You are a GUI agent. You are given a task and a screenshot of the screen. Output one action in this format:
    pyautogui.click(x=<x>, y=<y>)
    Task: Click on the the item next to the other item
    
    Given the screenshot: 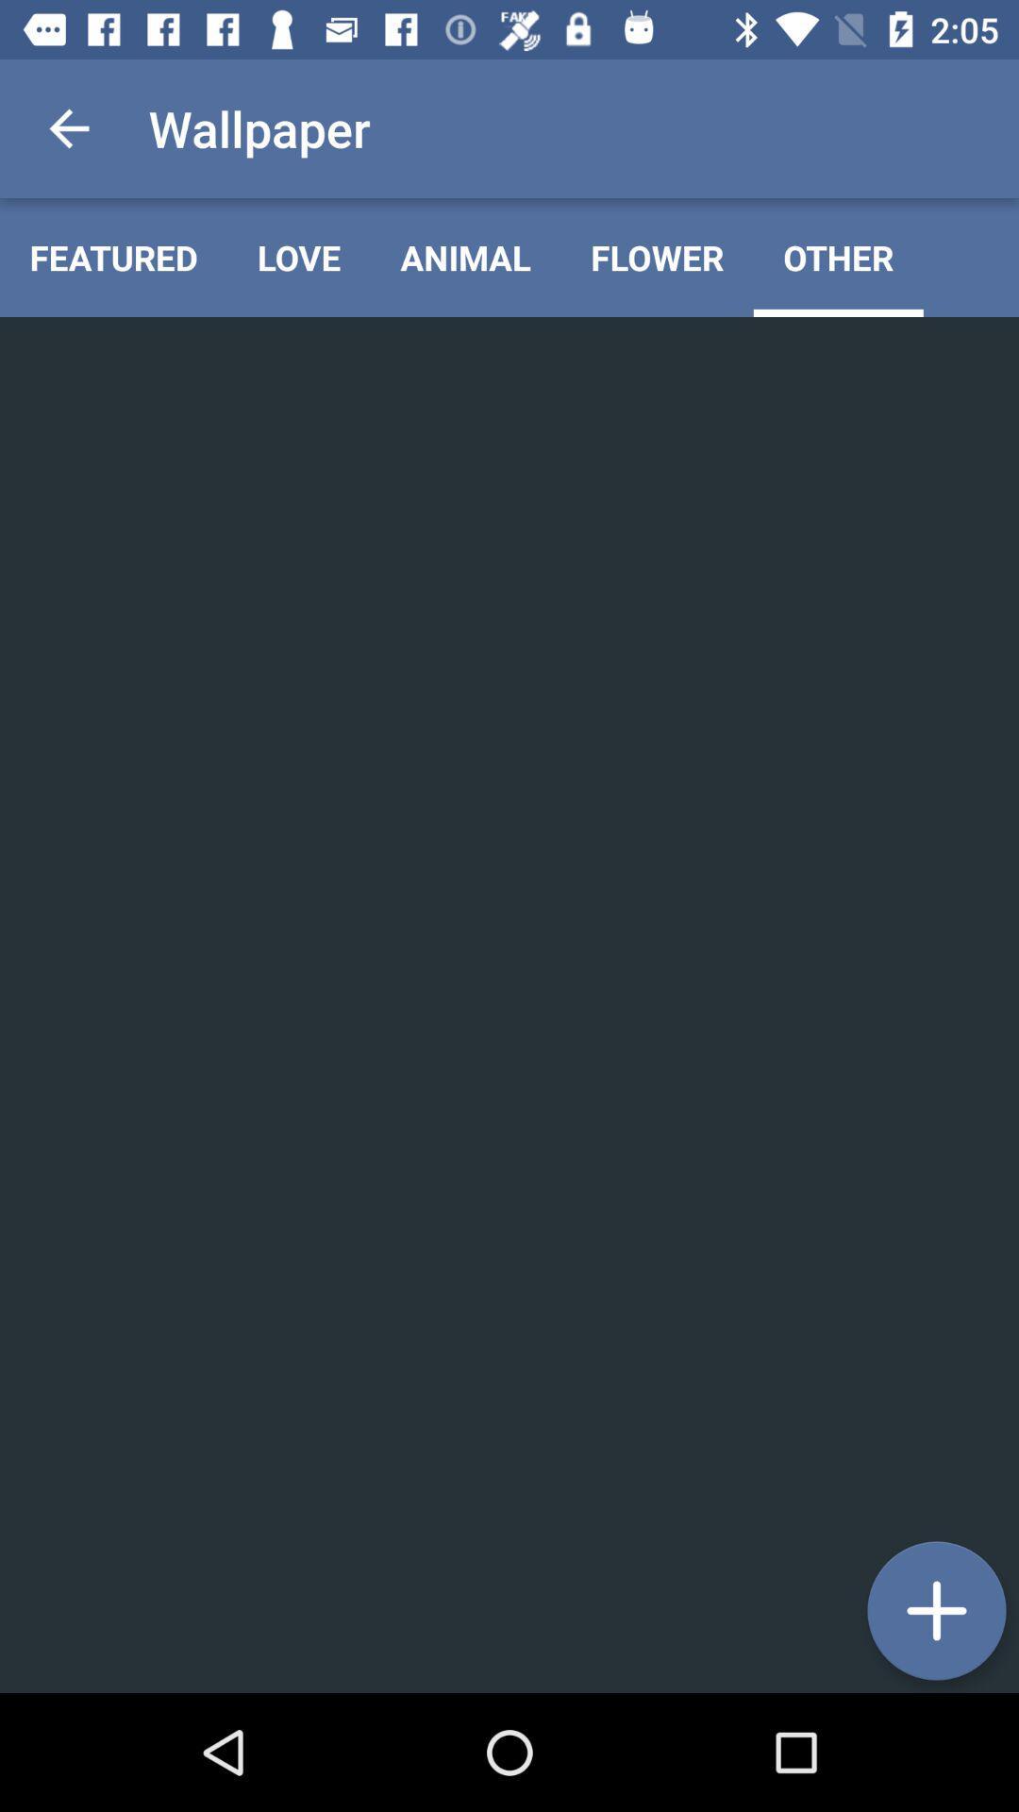 What is the action you would take?
    pyautogui.click(x=656, y=257)
    